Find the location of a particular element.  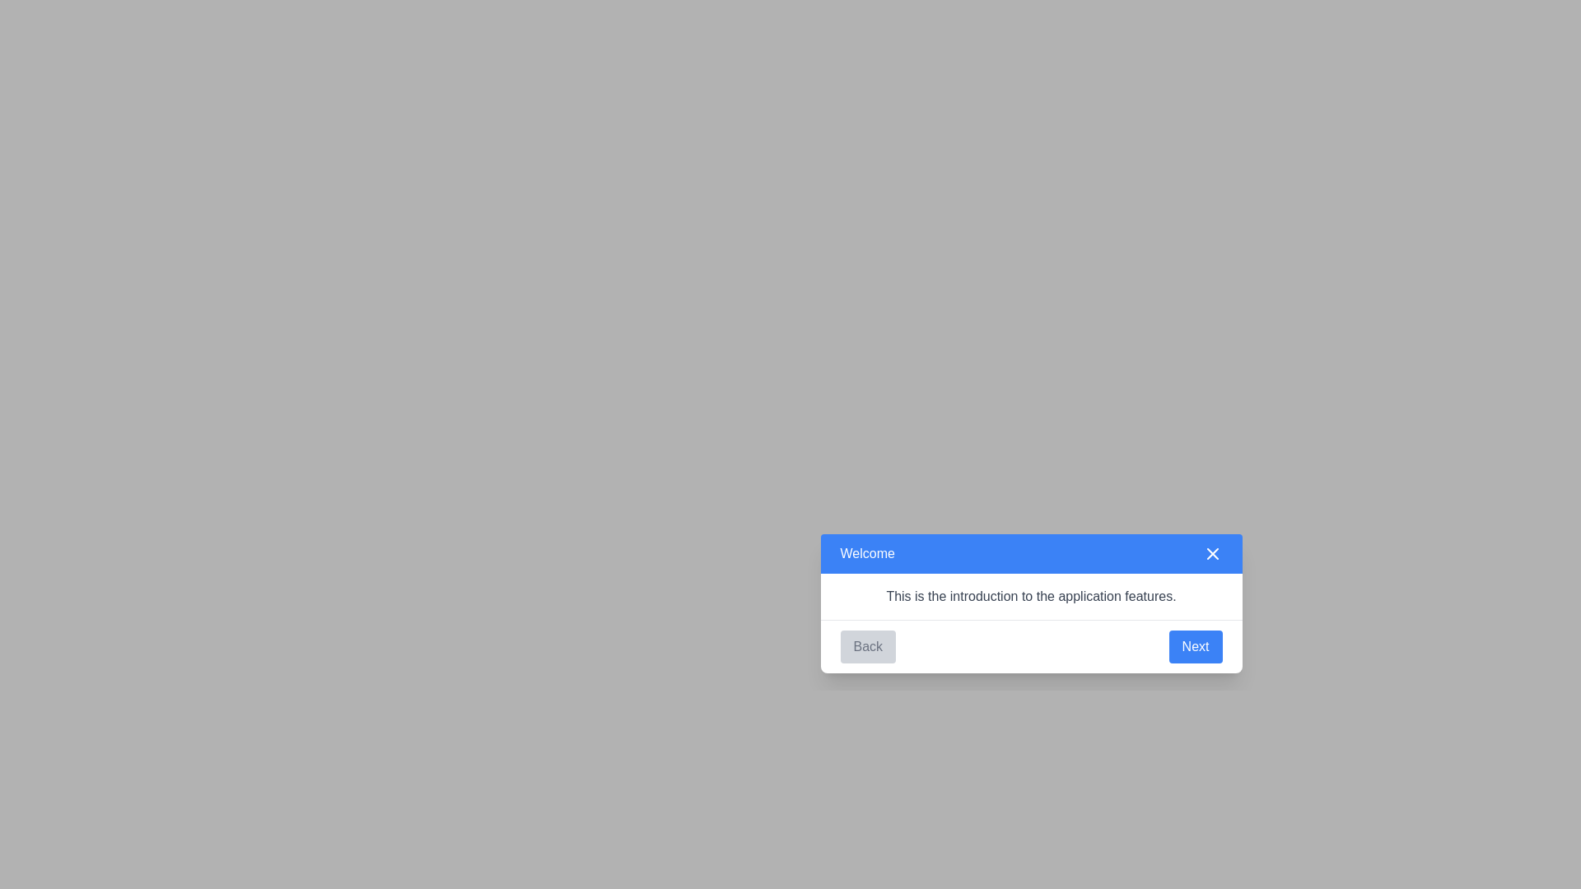

the close icon located in the upper-right corner of the header section is located at coordinates (1212, 553).